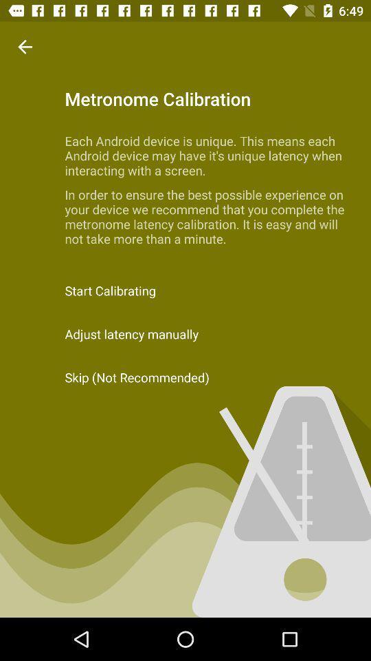 Image resolution: width=371 pixels, height=661 pixels. Describe the element at coordinates (25, 47) in the screenshot. I see `item at the top left corner` at that location.